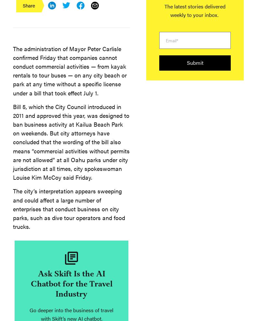 Image resolution: width=260 pixels, height=321 pixels. I want to click on 'Large-scale conflicts can damage tourism beyond the borders where fighting is occurring. Here's a look at the wider impact of war on tourism throughout the world.', so click(82, 255).